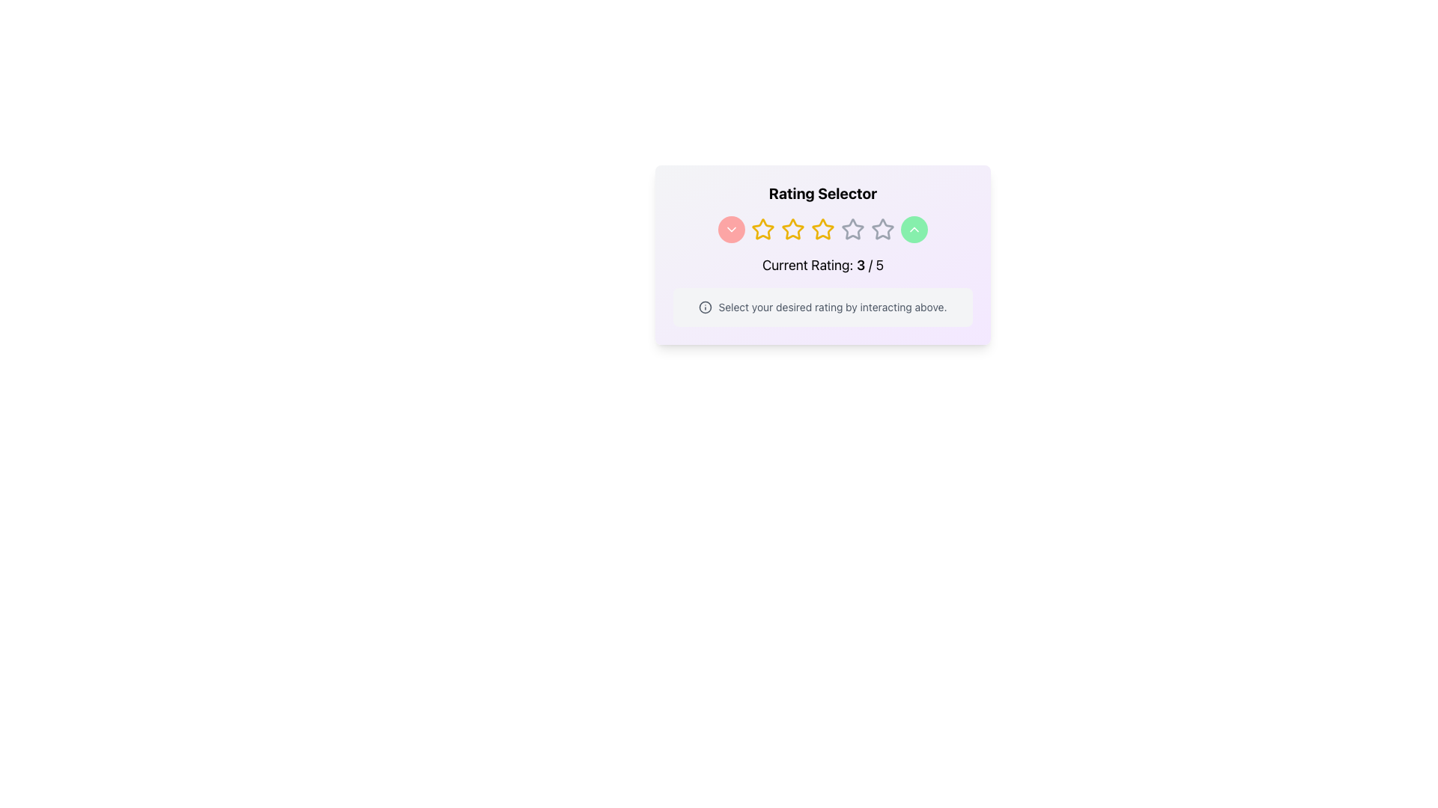 This screenshot has width=1438, height=808. I want to click on the fourth star icon in the rating selector, so click(882, 228).